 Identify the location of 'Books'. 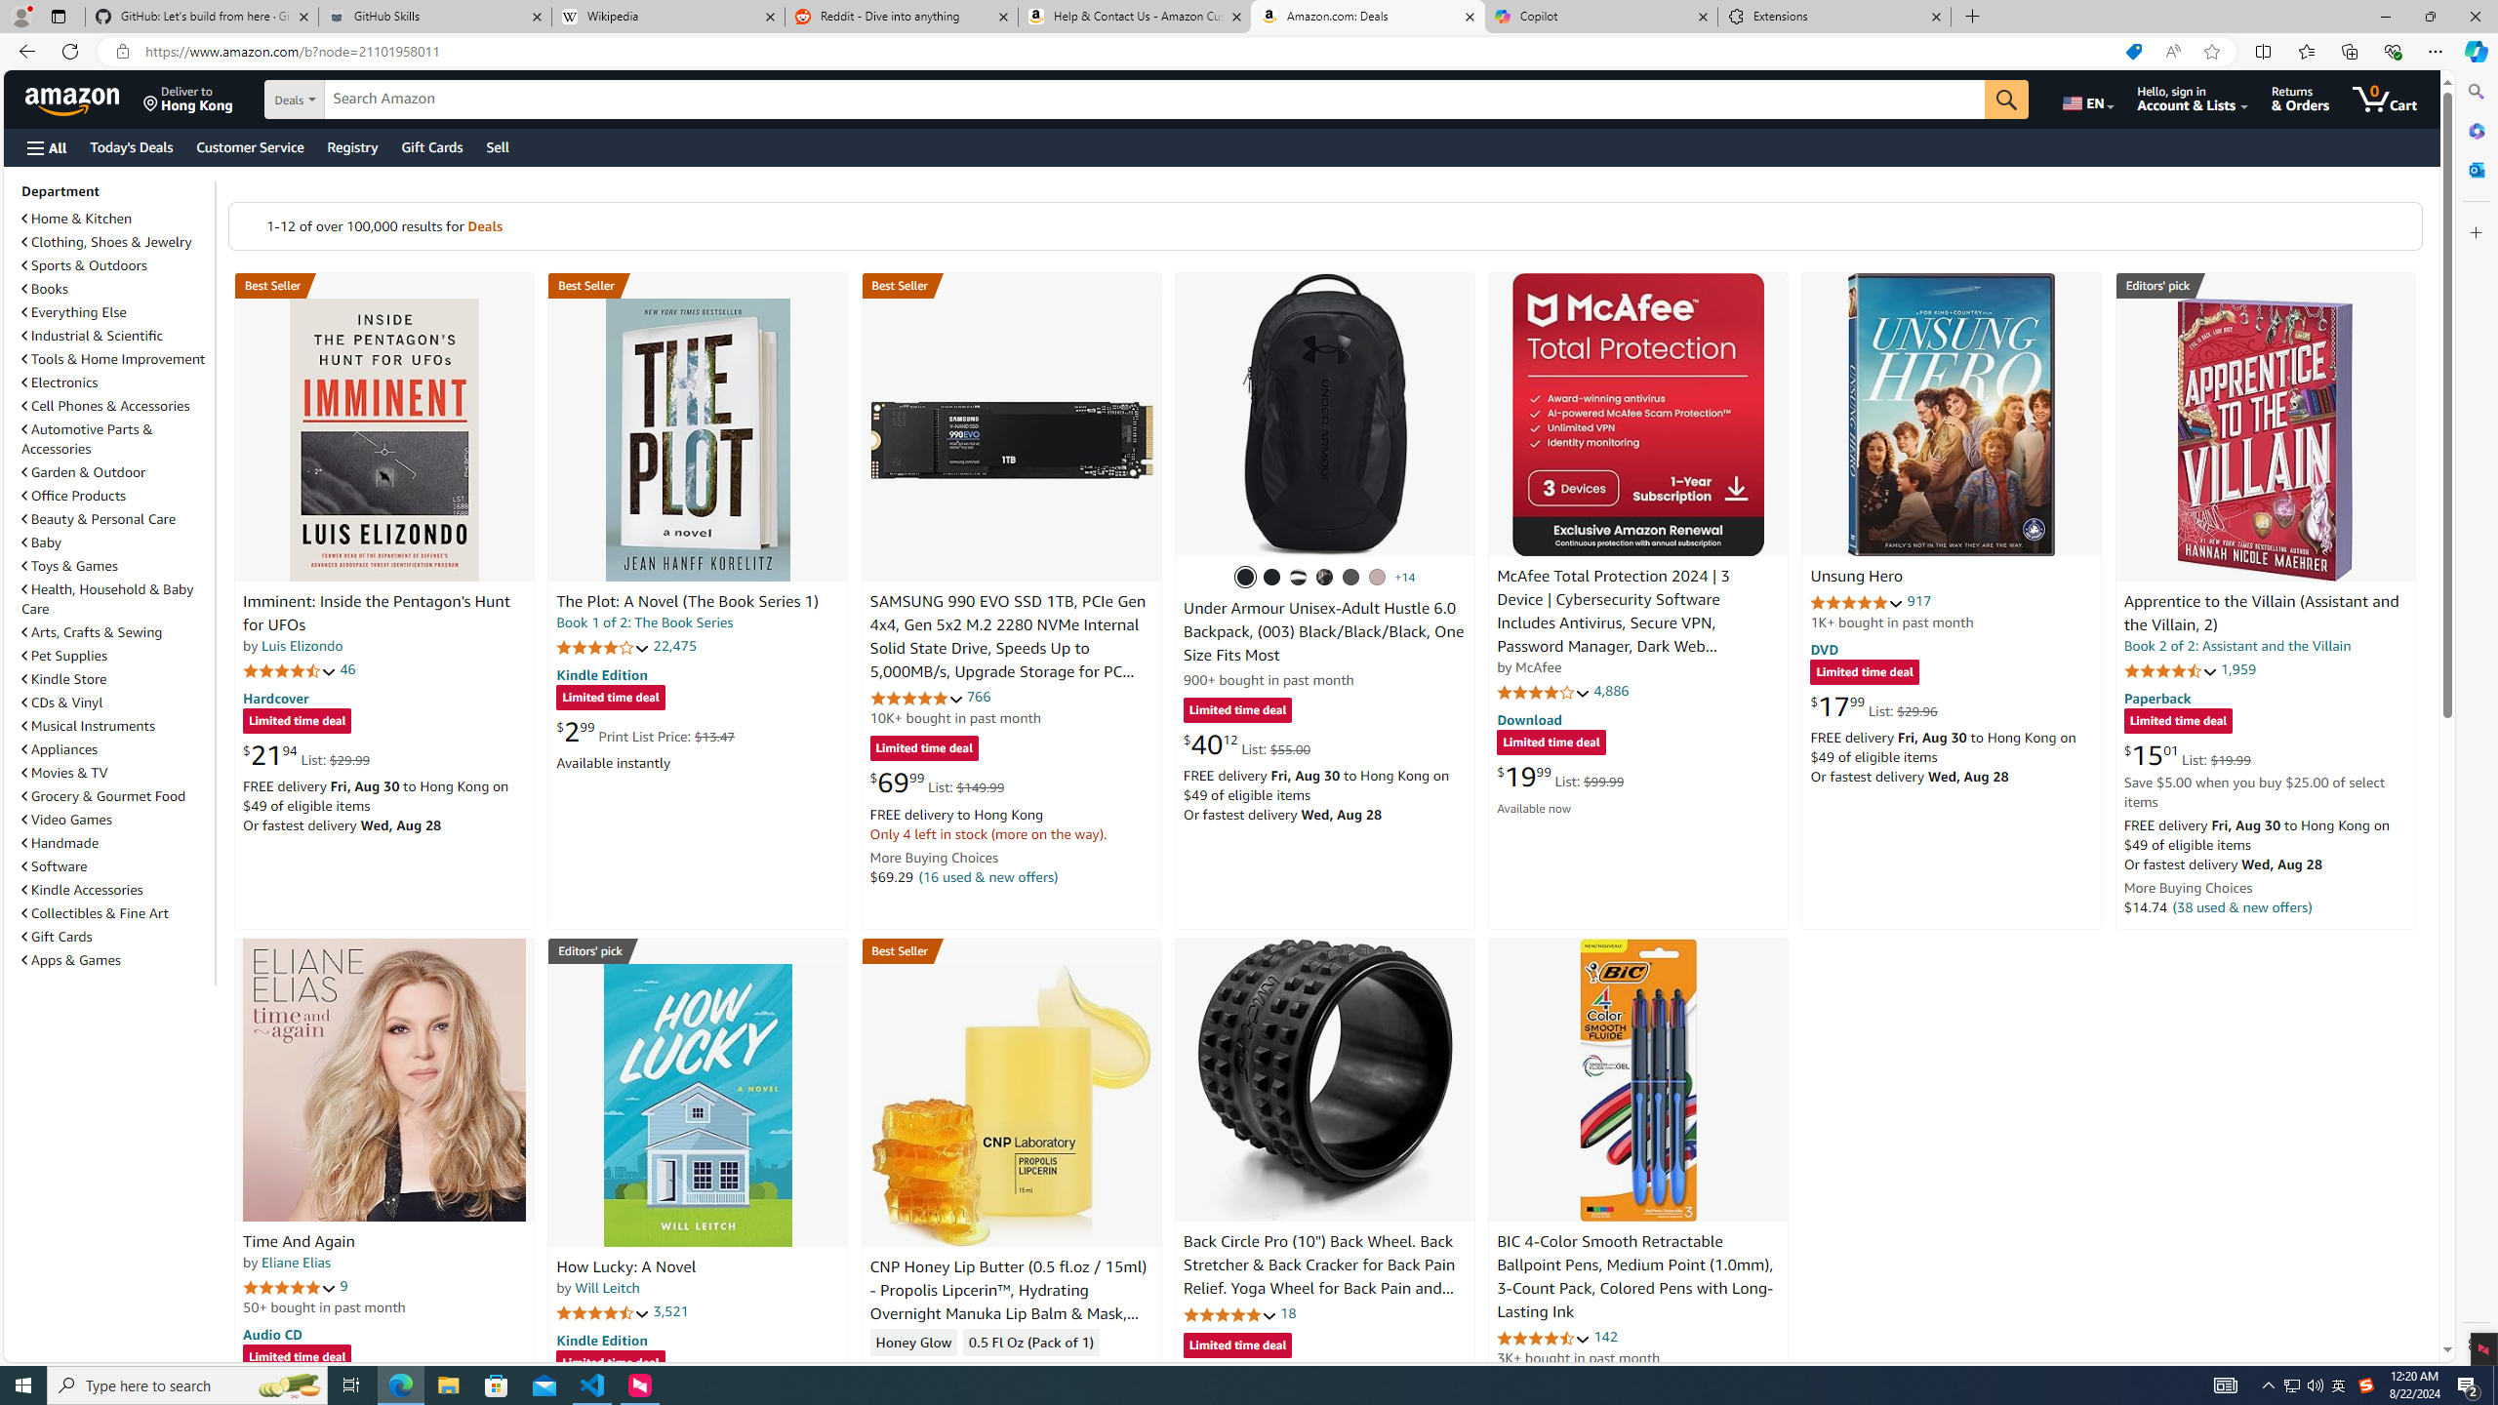
(115, 287).